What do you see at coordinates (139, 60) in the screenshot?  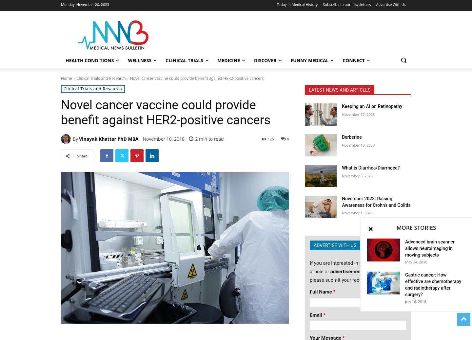 I see `'Wellness'` at bounding box center [139, 60].